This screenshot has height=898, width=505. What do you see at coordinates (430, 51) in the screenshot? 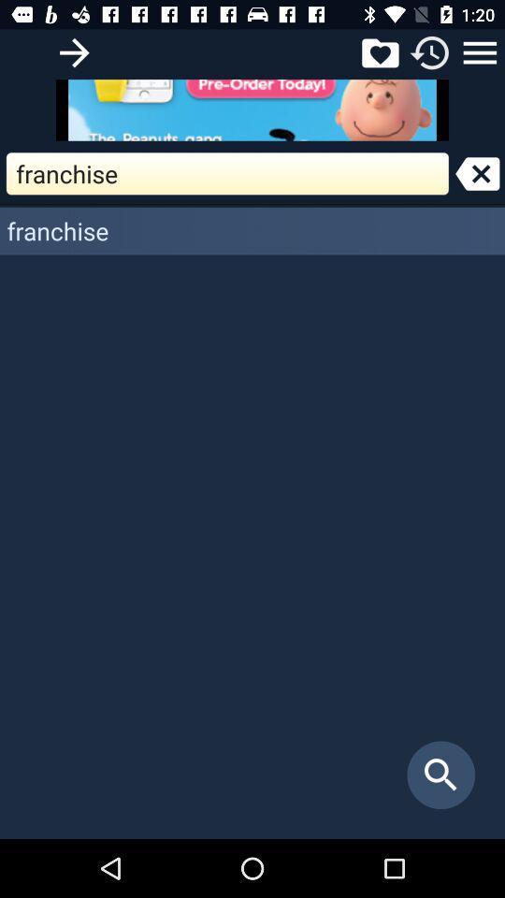
I see `refresh` at bounding box center [430, 51].